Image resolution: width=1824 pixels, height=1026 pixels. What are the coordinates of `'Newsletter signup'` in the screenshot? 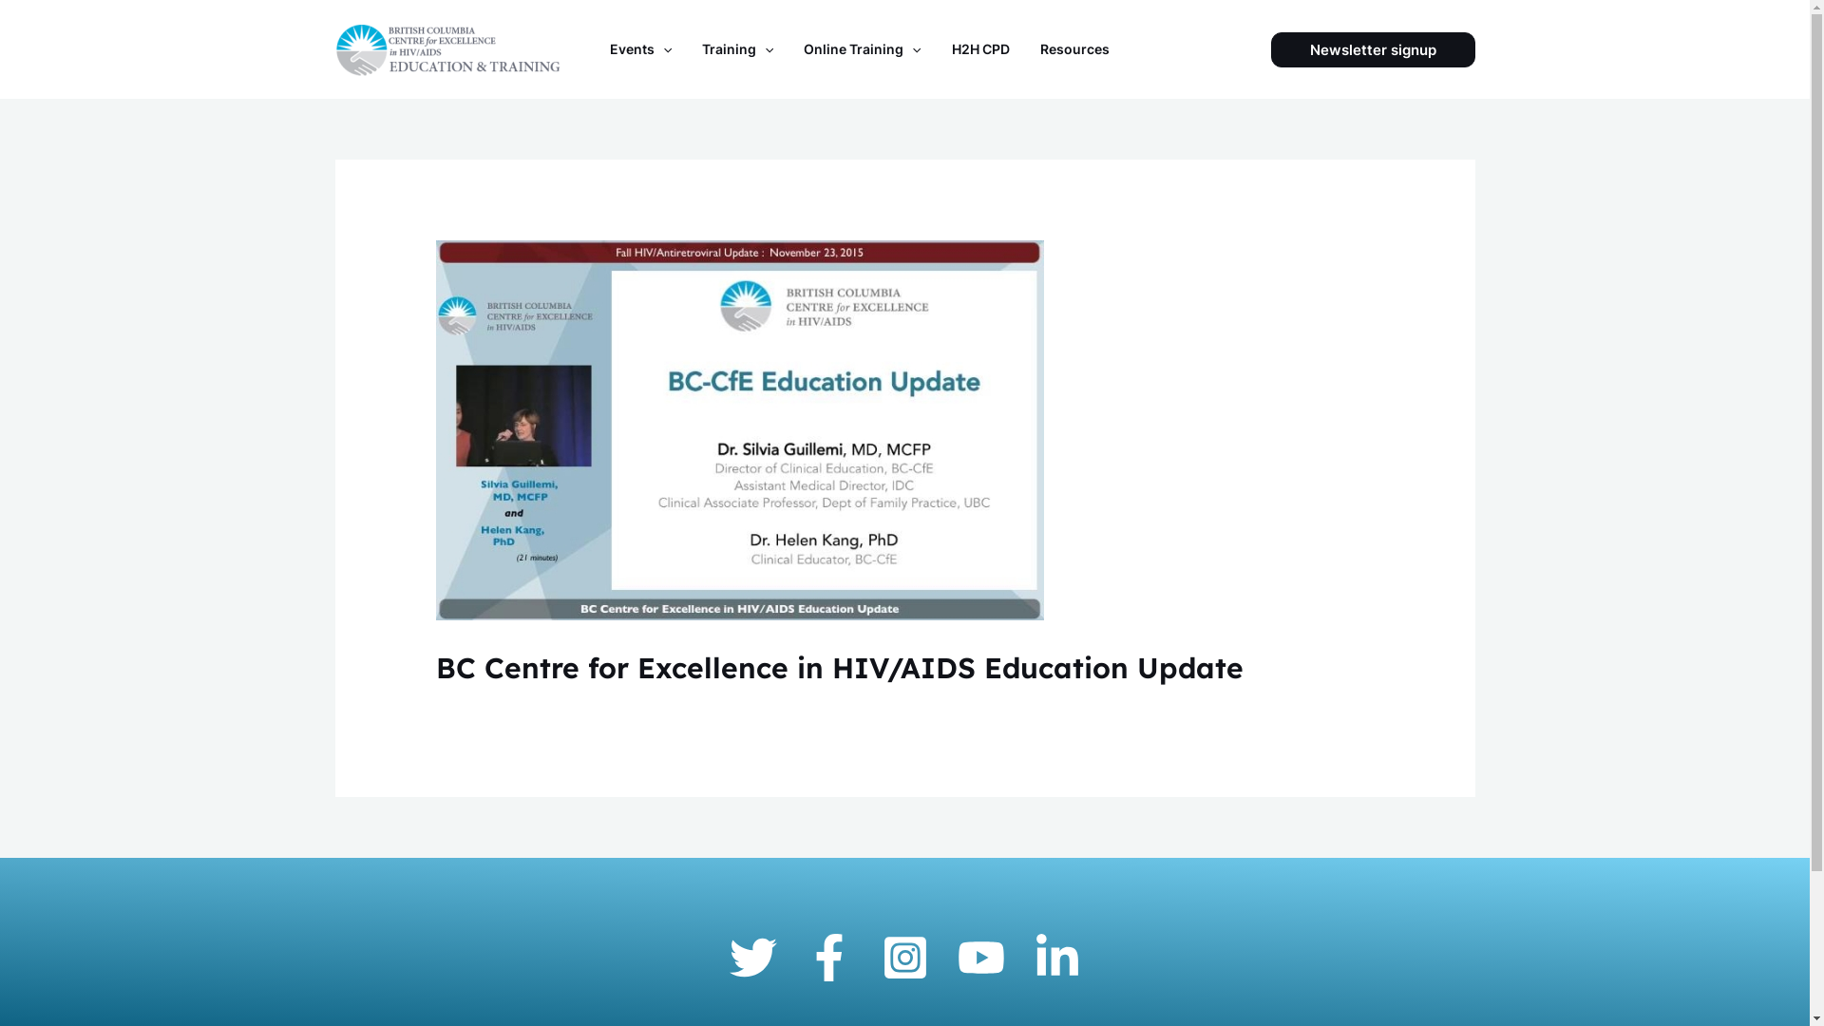 It's located at (1373, 48).